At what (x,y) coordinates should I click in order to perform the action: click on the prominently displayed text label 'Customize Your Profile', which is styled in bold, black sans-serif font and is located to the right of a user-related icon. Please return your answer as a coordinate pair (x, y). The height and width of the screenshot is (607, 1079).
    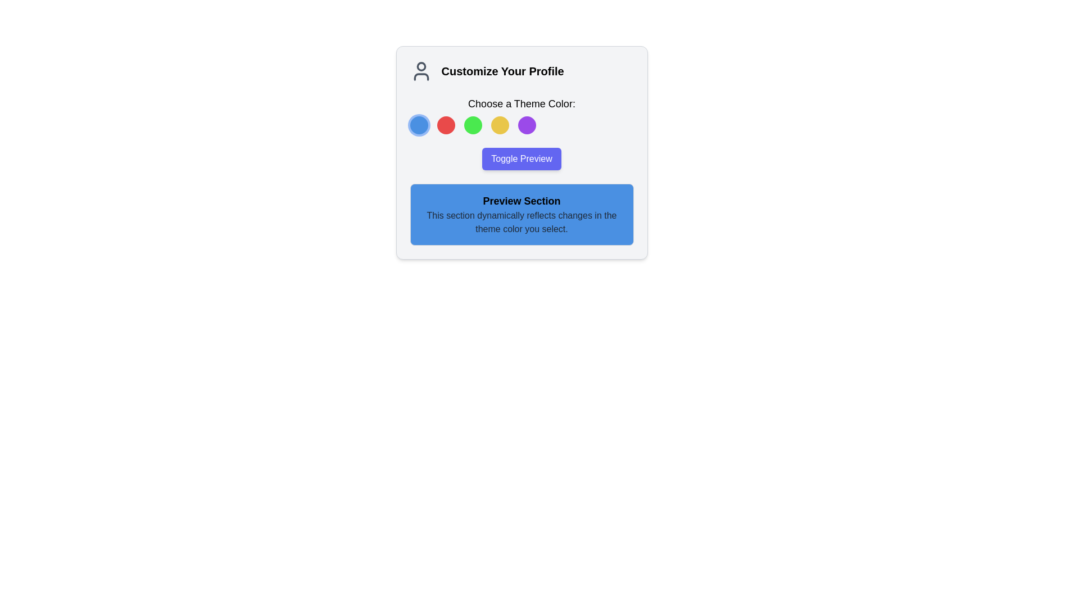
    Looking at the image, I should click on (502, 71).